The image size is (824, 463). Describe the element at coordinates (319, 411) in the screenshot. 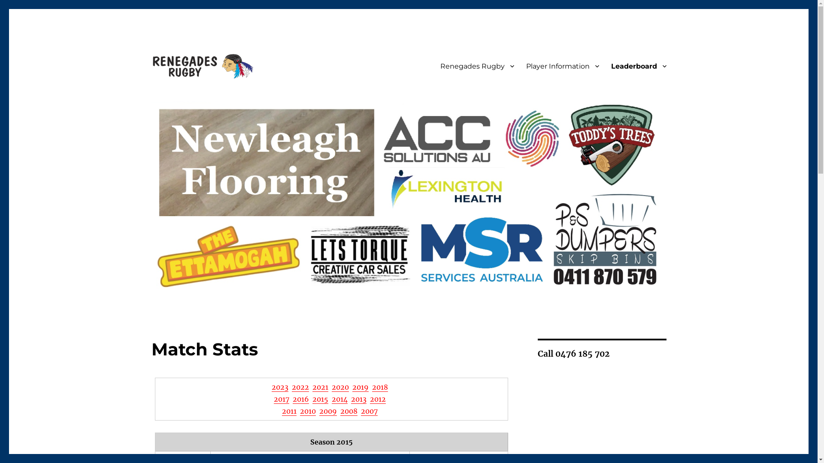

I see `'2009'` at that location.